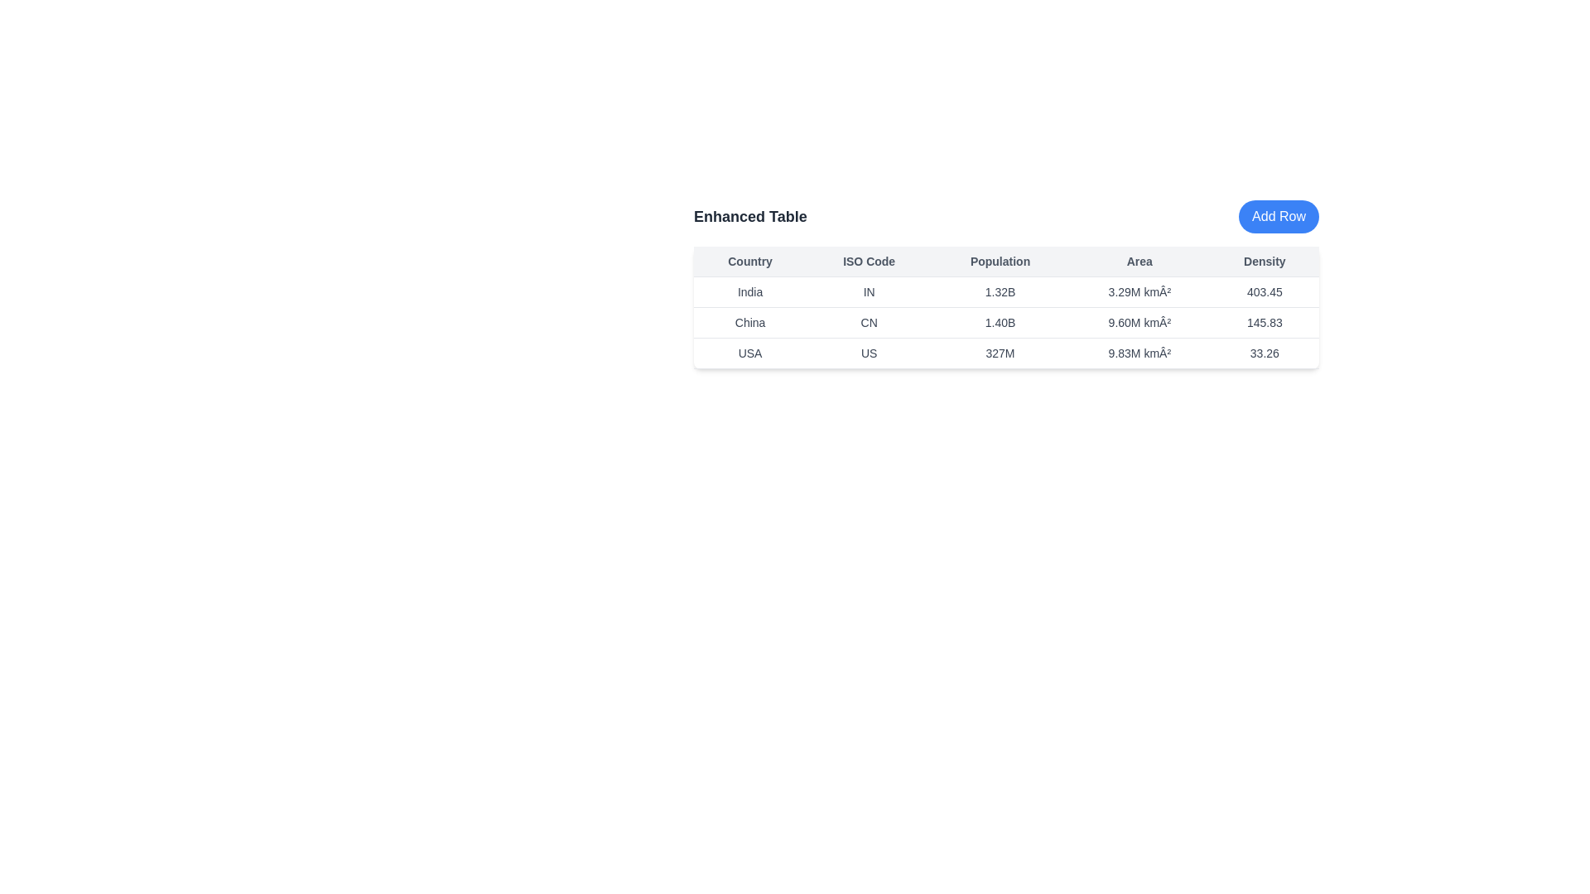 This screenshot has width=1590, height=894. Describe the element at coordinates (1005, 322) in the screenshot. I see `the second table row containing data about the country 'China', which includes its name, ISO code, population, area, and density` at that location.